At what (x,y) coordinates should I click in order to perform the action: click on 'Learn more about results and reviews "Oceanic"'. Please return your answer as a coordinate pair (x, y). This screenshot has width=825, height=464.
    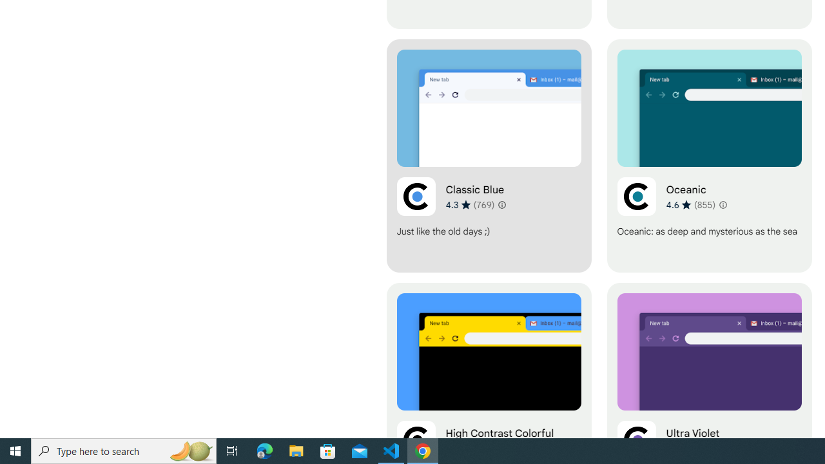
    Looking at the image, I should click on (722, 204).